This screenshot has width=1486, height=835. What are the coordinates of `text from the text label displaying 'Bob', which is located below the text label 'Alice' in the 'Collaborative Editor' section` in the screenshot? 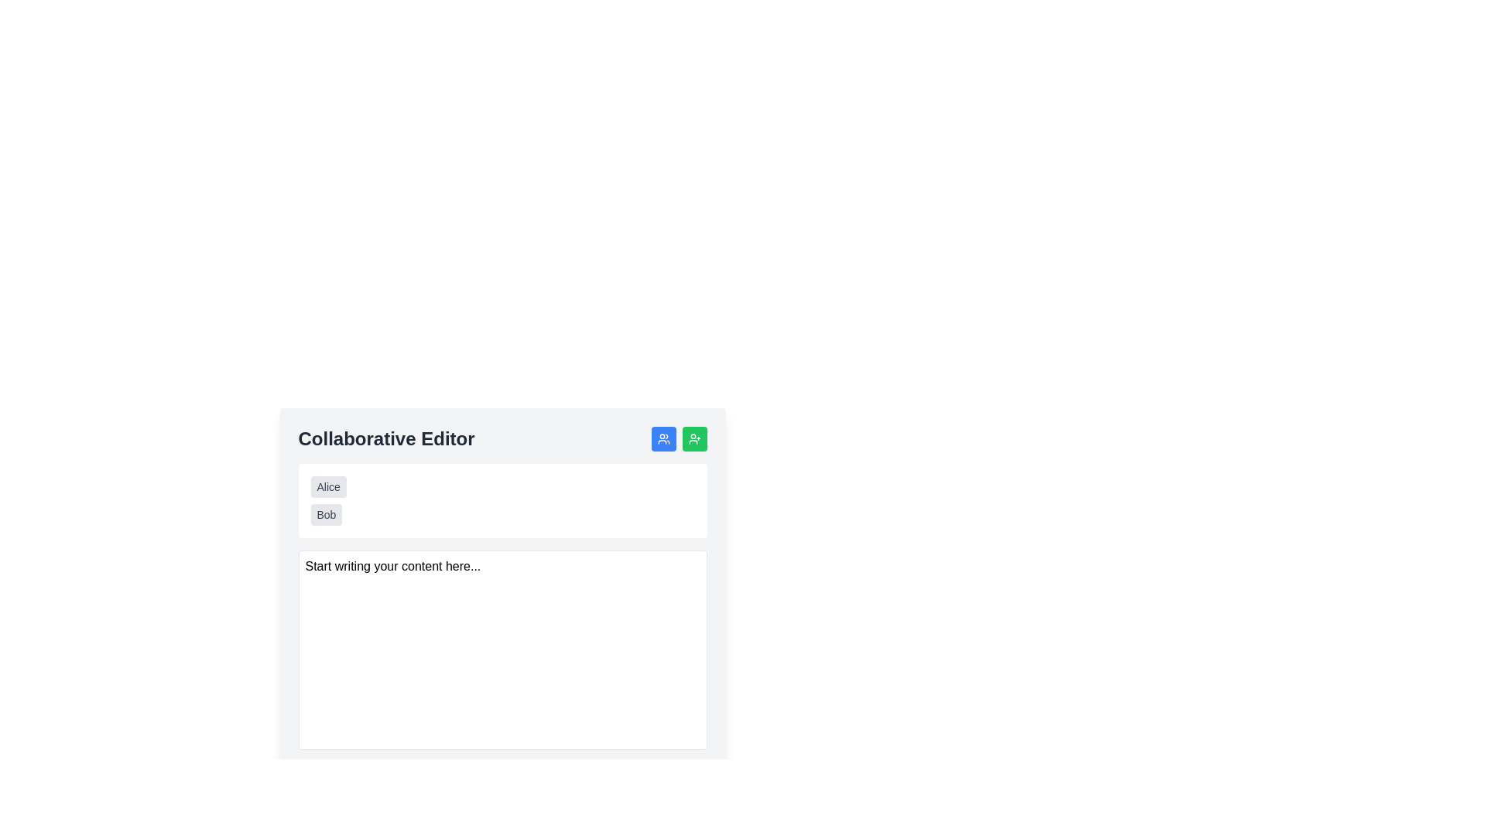 It's located at (326, 515).